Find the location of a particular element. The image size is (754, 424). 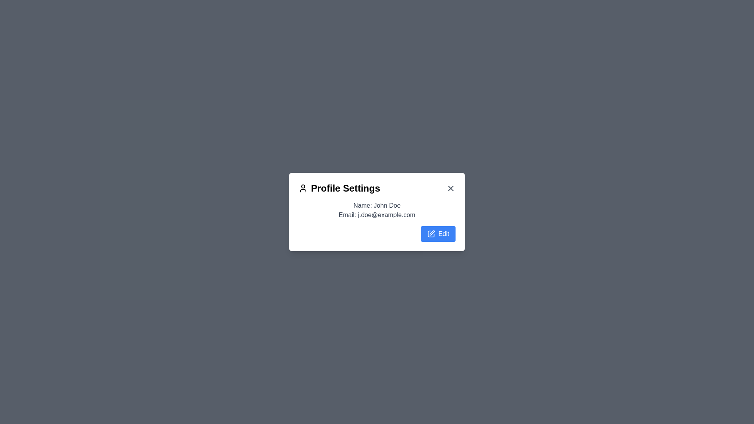

the 'Edit' button located in the bottom-right corner of the 'Profile Settings' modal dialog is located at coordinates (432, 232).